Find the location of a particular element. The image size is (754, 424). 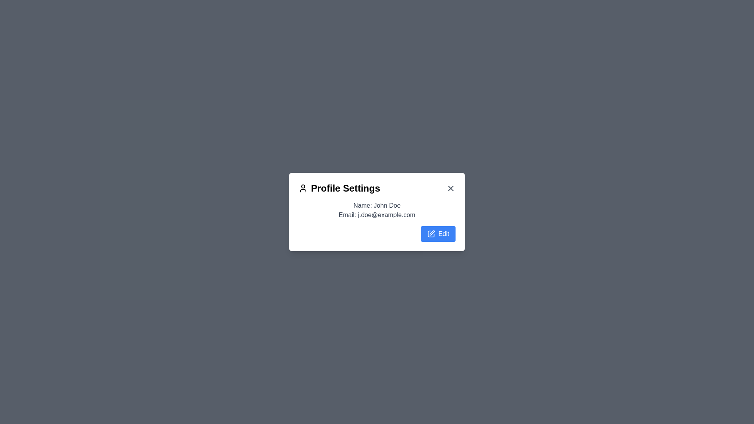

the 'Edit' button located in the bottom-right corner of the 'Profile Settings' modal dialog is located at coordinates (432, 232).